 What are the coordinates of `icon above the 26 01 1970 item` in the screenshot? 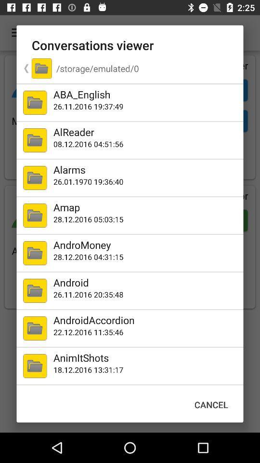 It's located at (146, 169).